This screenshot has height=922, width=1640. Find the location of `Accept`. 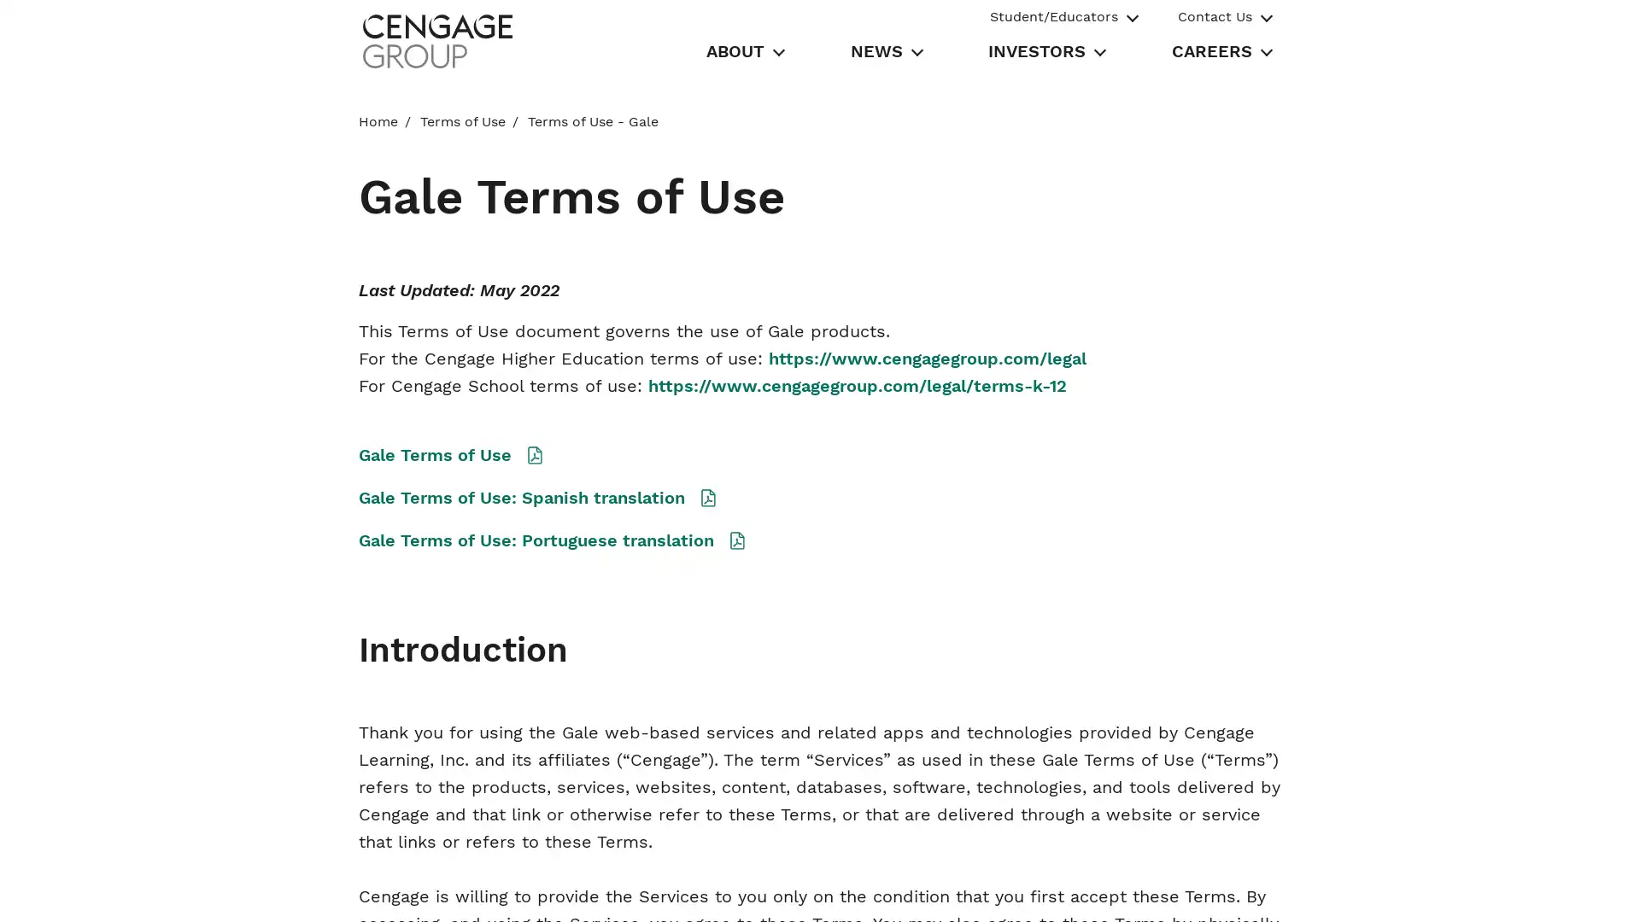

Accept is located at coordinates (1316, 889).